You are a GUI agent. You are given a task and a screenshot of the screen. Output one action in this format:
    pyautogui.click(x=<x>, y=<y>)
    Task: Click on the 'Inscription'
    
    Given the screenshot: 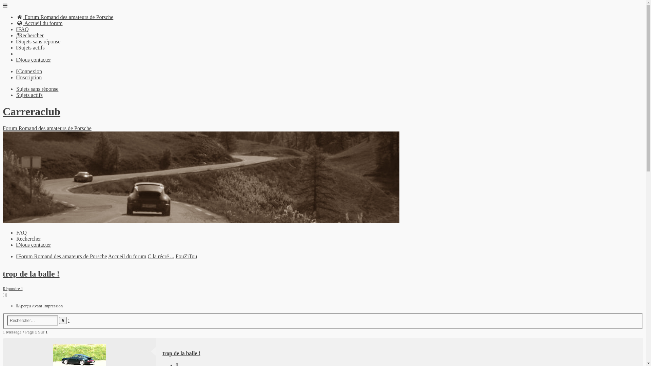 What is the action you would take?
    pyautogui.click(x=28, y=77)
    